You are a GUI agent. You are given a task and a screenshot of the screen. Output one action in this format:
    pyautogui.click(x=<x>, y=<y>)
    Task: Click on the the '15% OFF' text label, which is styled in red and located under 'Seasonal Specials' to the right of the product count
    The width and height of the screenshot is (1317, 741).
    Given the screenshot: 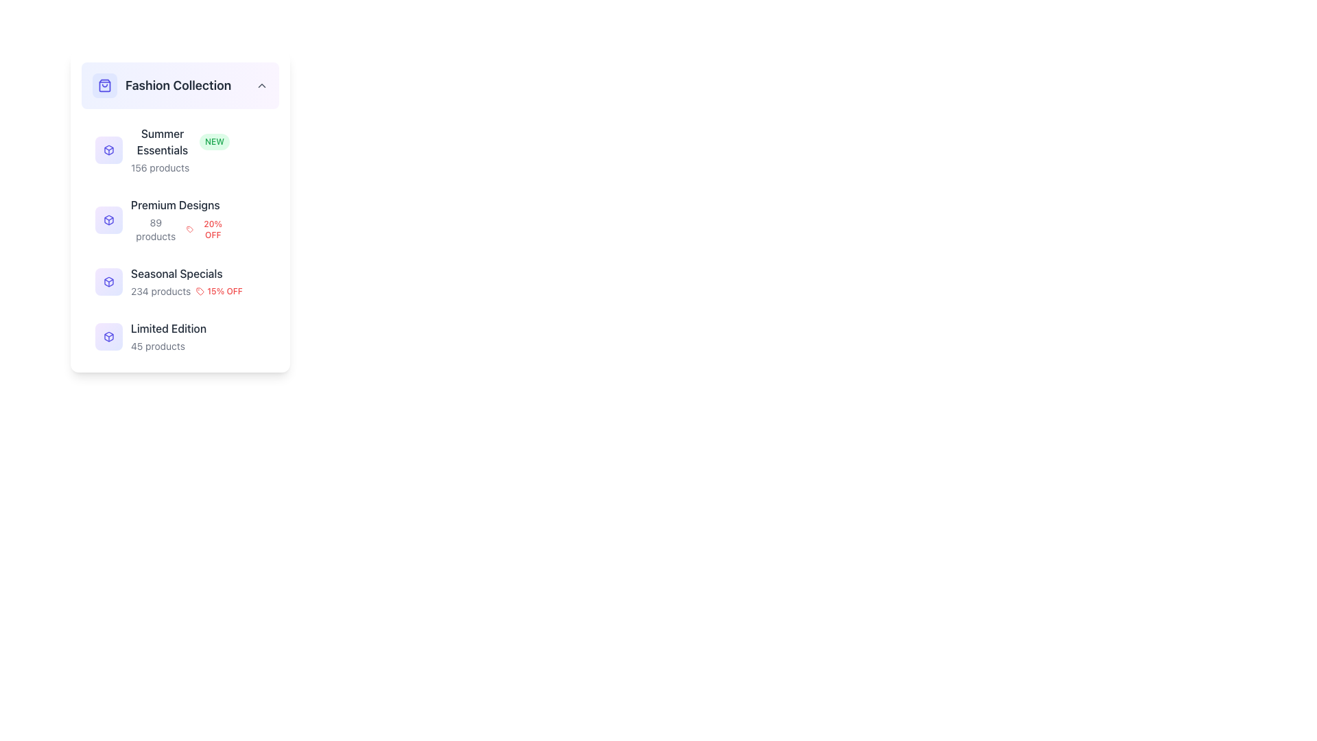 What is the action you would take?
    pyautogui.click(x=225, y=290)
    